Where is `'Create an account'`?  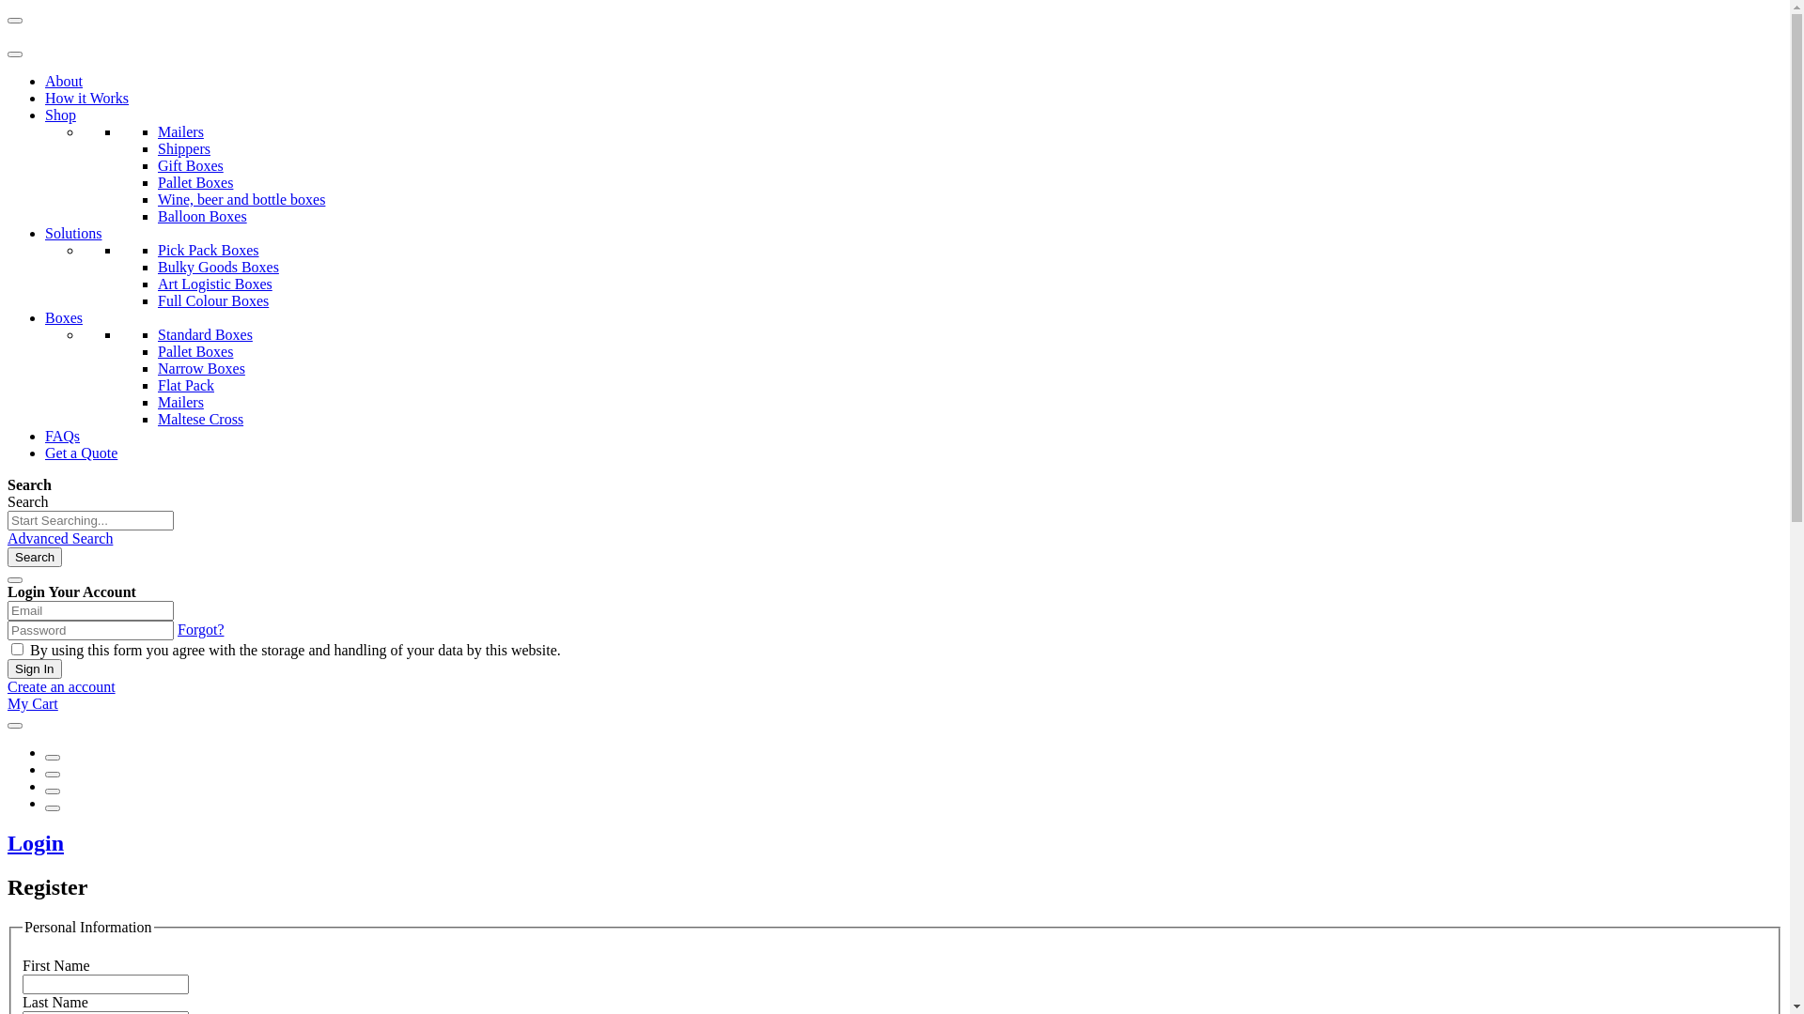
'Create an account' is located at coordinates (61, 686).